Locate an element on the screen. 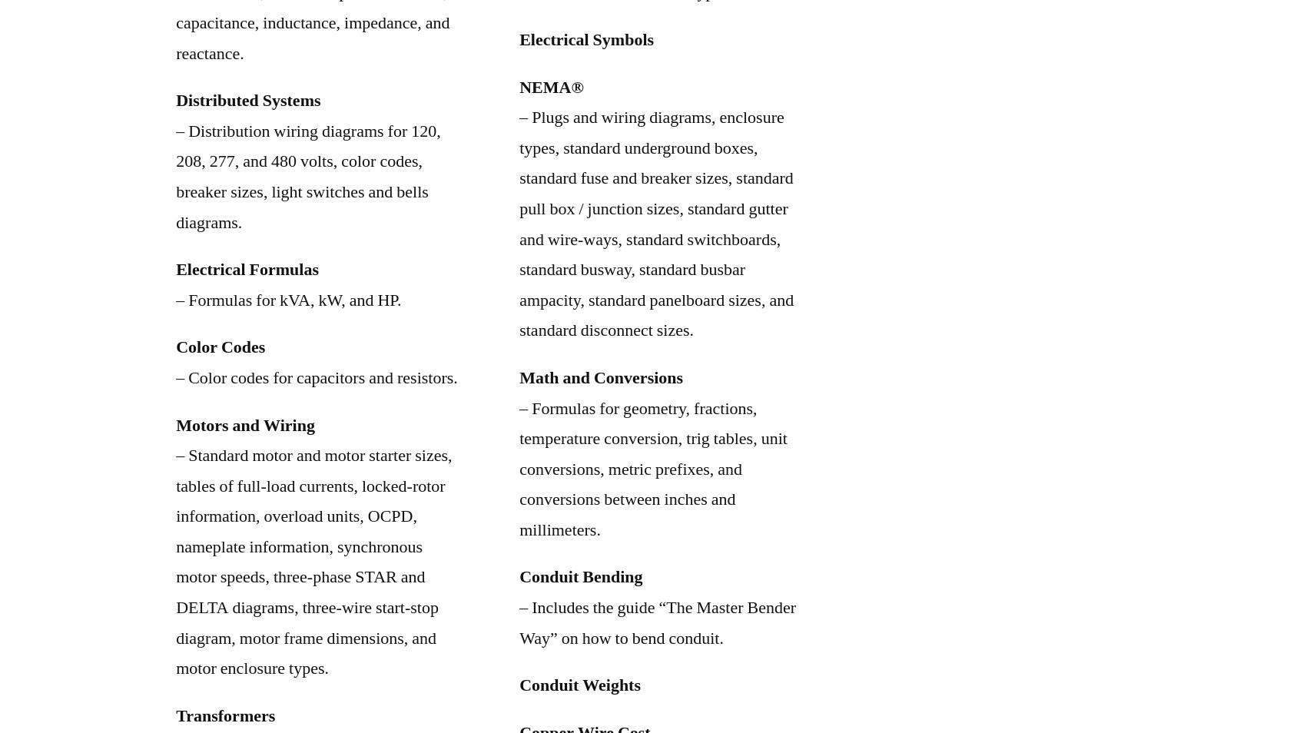  '– Includes the guide “The Master Bender Way” on how to bend conduit.' is located at coordinates (656, 622).